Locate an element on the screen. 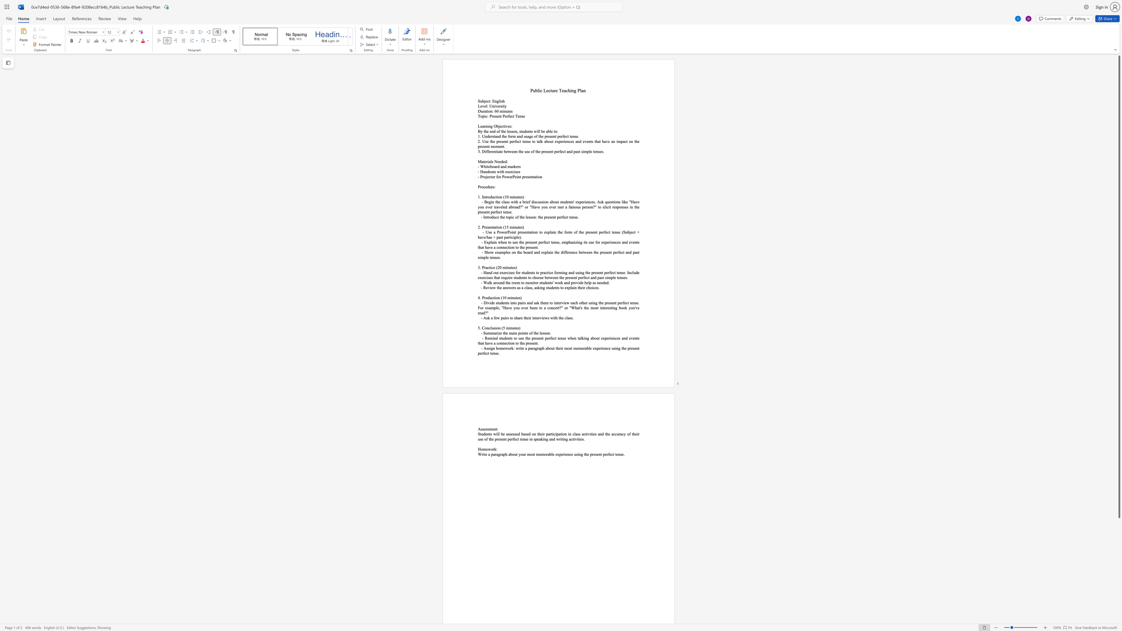  the scrollbar to slide the page down is located at coordinates (1119, 587).